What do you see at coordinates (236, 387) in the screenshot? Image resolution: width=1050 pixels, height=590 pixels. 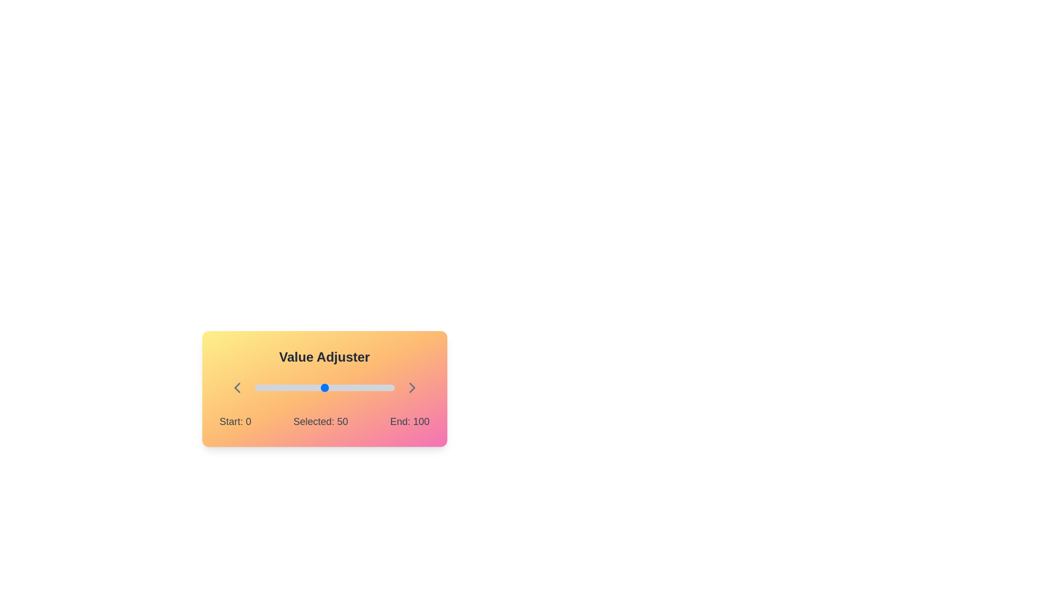 I see `the left chevron icon` at bounding box center [236, 387].